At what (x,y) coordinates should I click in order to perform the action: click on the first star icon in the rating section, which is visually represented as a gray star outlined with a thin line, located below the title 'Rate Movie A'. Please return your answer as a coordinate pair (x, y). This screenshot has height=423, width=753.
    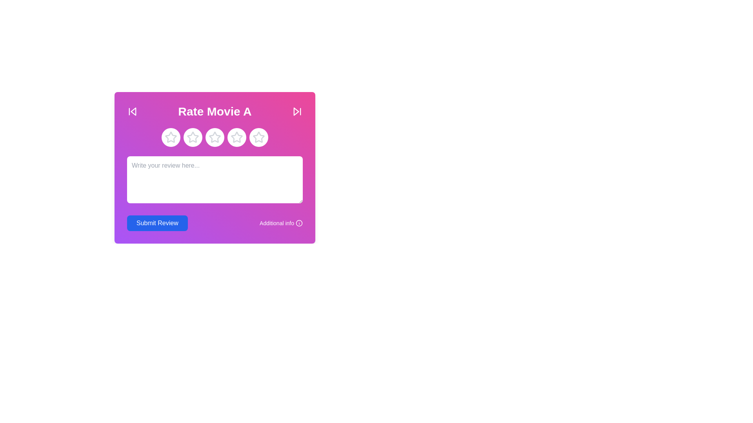
    Looking at the image, I should click on (171, 137).